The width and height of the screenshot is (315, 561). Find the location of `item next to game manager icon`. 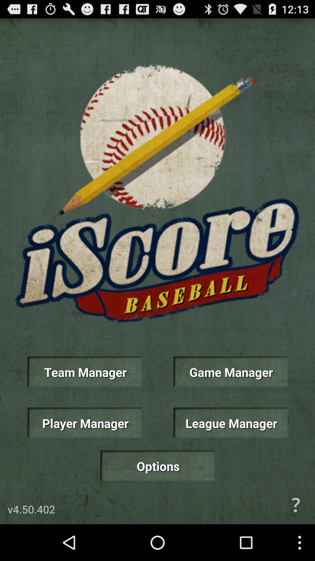

item next to game manager icon is located at coordinates (84, 371).